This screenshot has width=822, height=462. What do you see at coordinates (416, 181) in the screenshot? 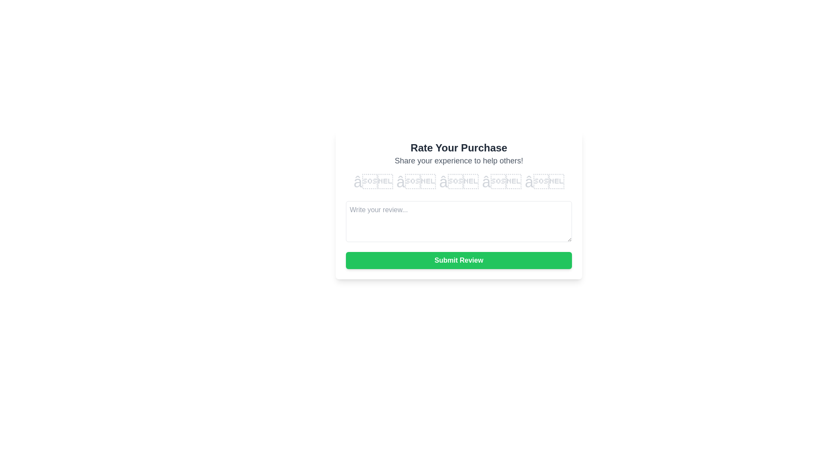
I see `the star corresponding to 2 to preview the rating` at bounding box center [416, 181].